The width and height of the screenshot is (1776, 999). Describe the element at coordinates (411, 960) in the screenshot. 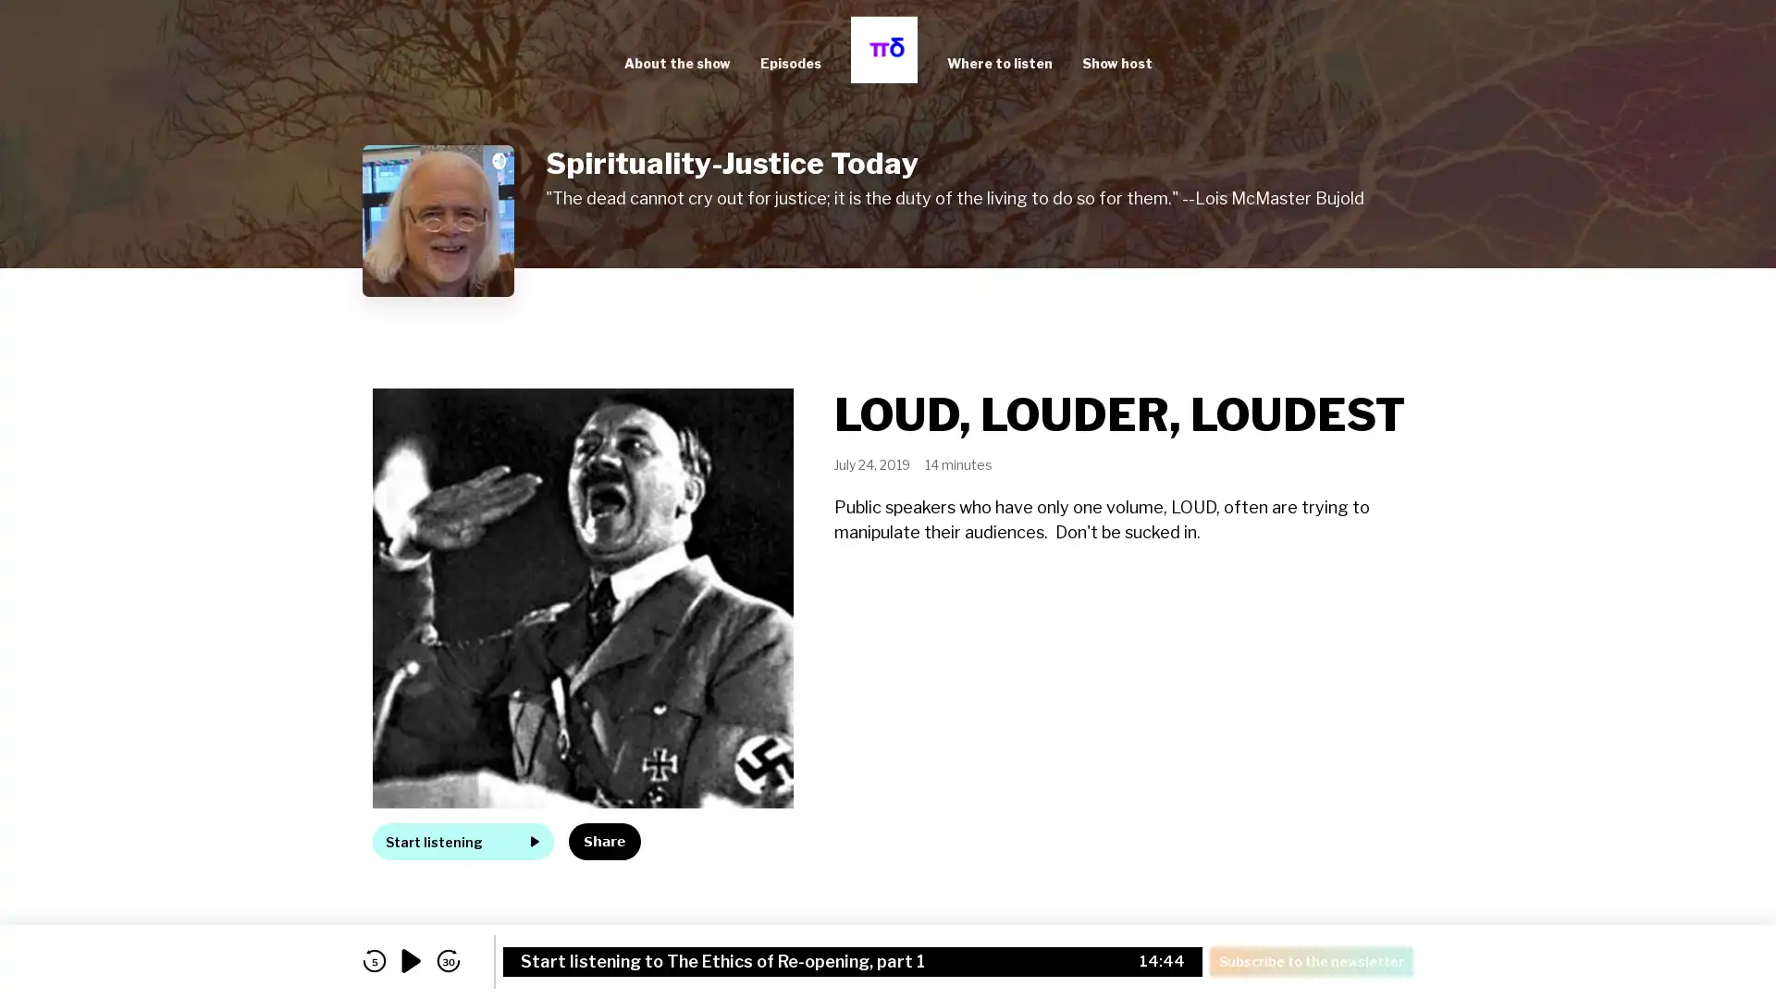

I see `play audio` at that location.